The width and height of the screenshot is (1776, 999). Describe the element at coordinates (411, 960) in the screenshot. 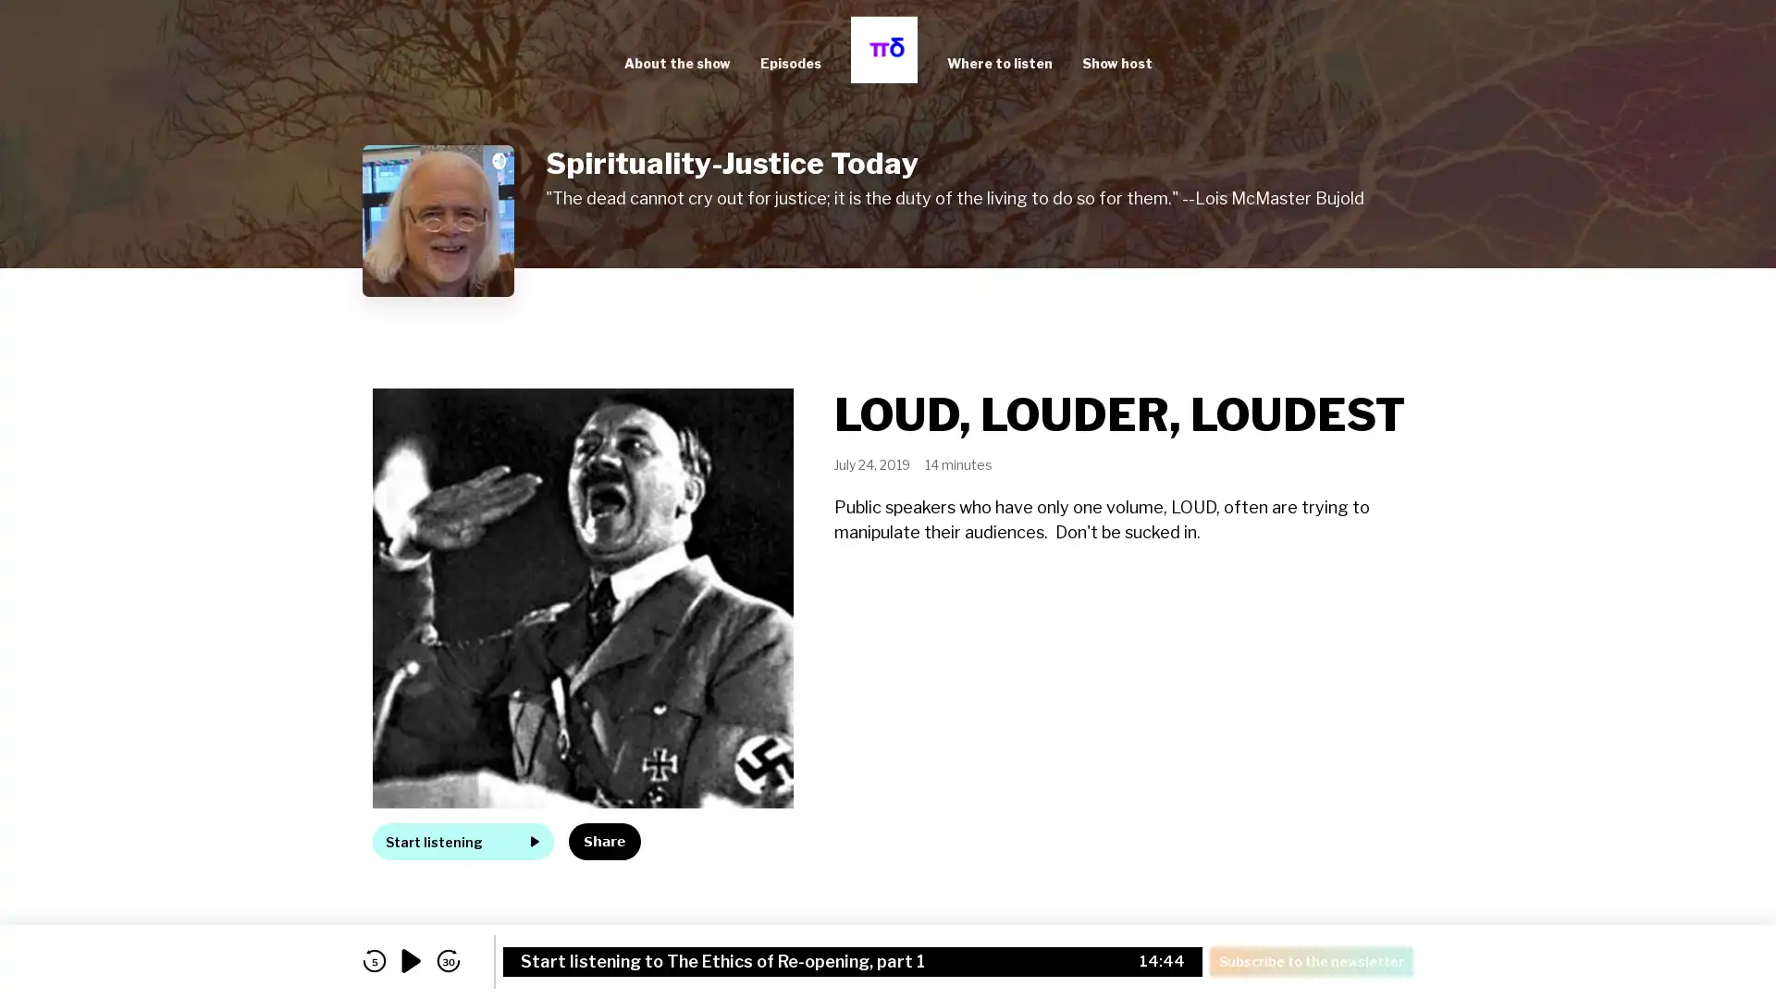

I see `play audio` at that location.